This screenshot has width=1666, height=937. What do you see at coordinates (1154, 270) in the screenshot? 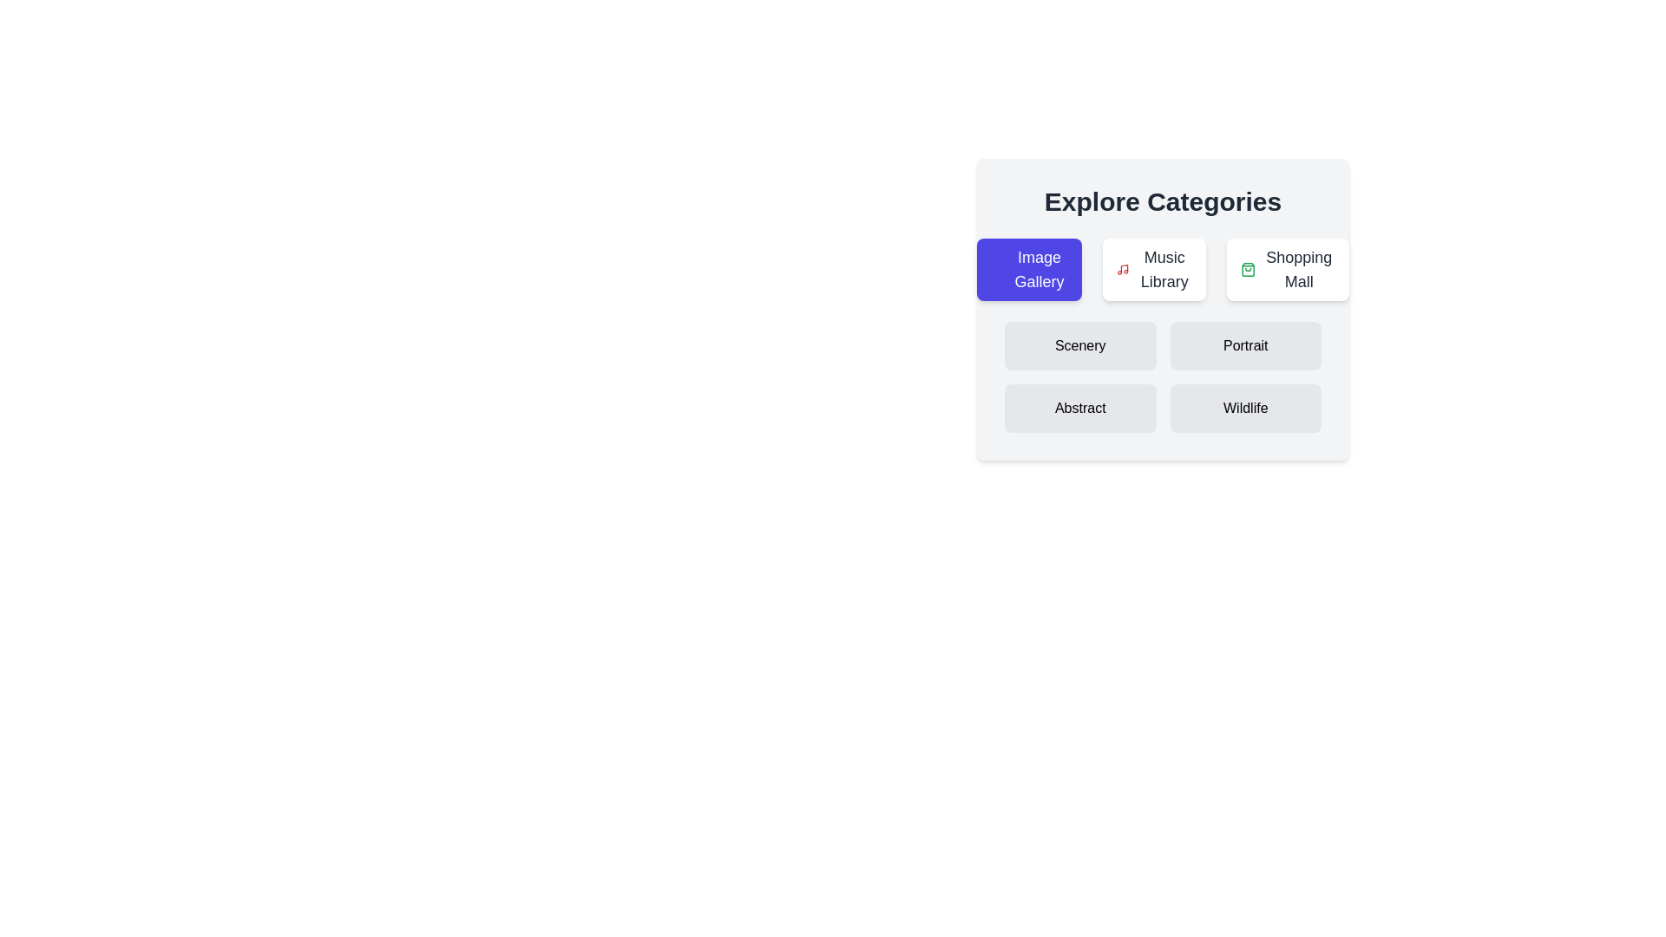
I see `the 'Music Library' button, which is the second button in the 'Explore Categories' section` at bounding box center [1154, 270].